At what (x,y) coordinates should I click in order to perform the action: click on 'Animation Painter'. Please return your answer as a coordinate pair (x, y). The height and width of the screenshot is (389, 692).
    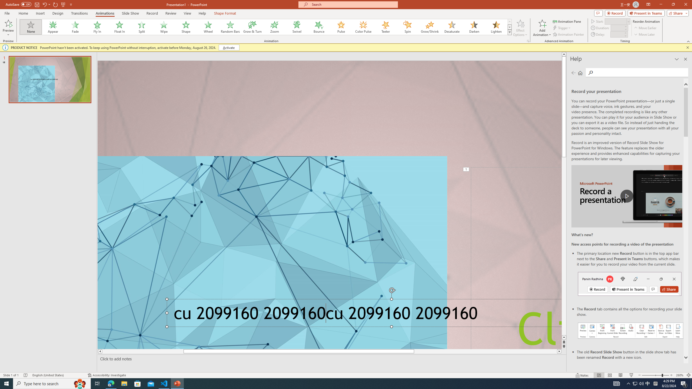
    Looking at the image, I should click on (568, 34).